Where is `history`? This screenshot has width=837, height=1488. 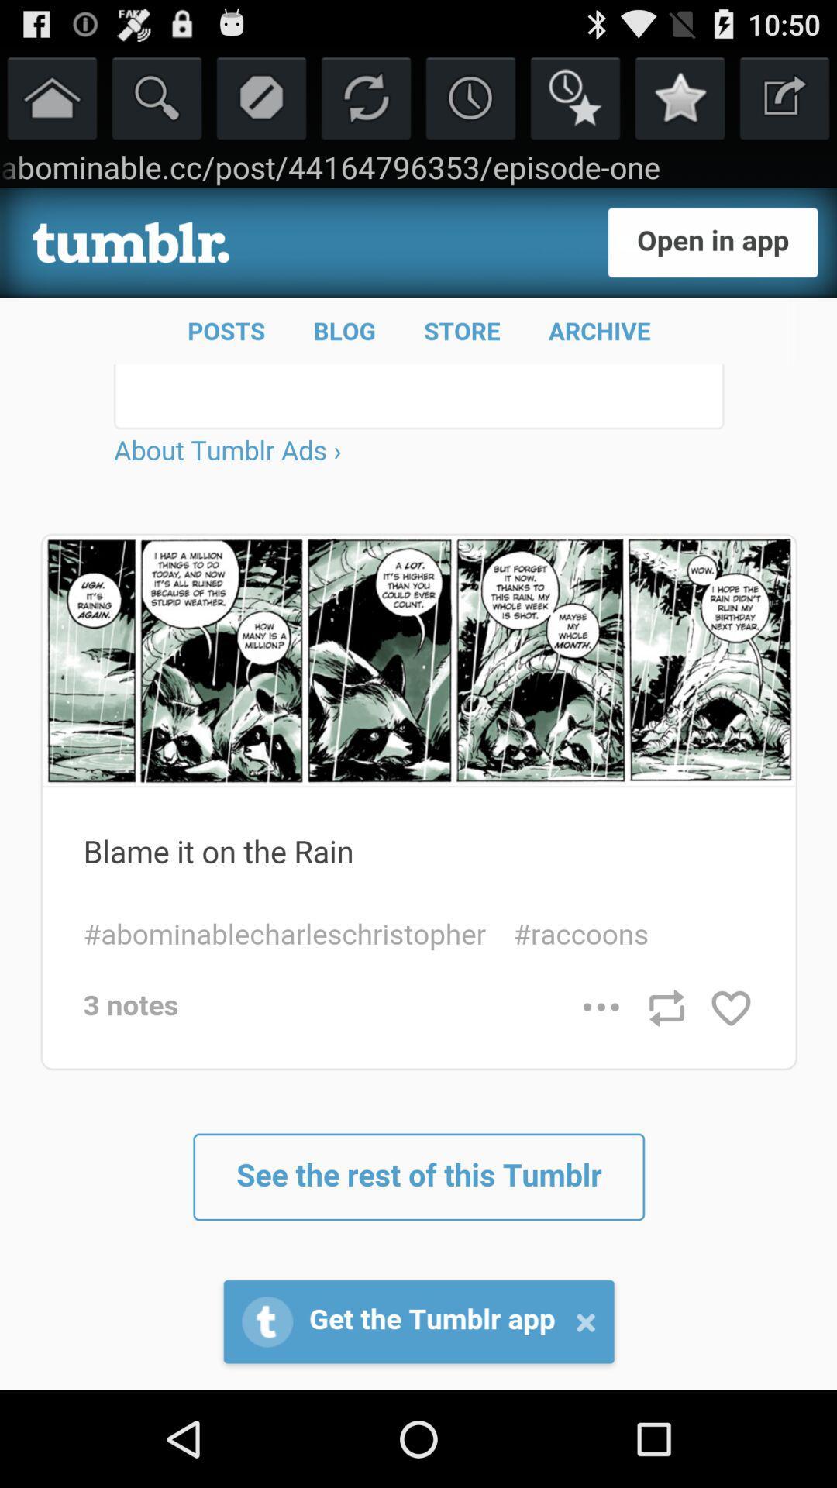
history is located at coordinates (470, 96).